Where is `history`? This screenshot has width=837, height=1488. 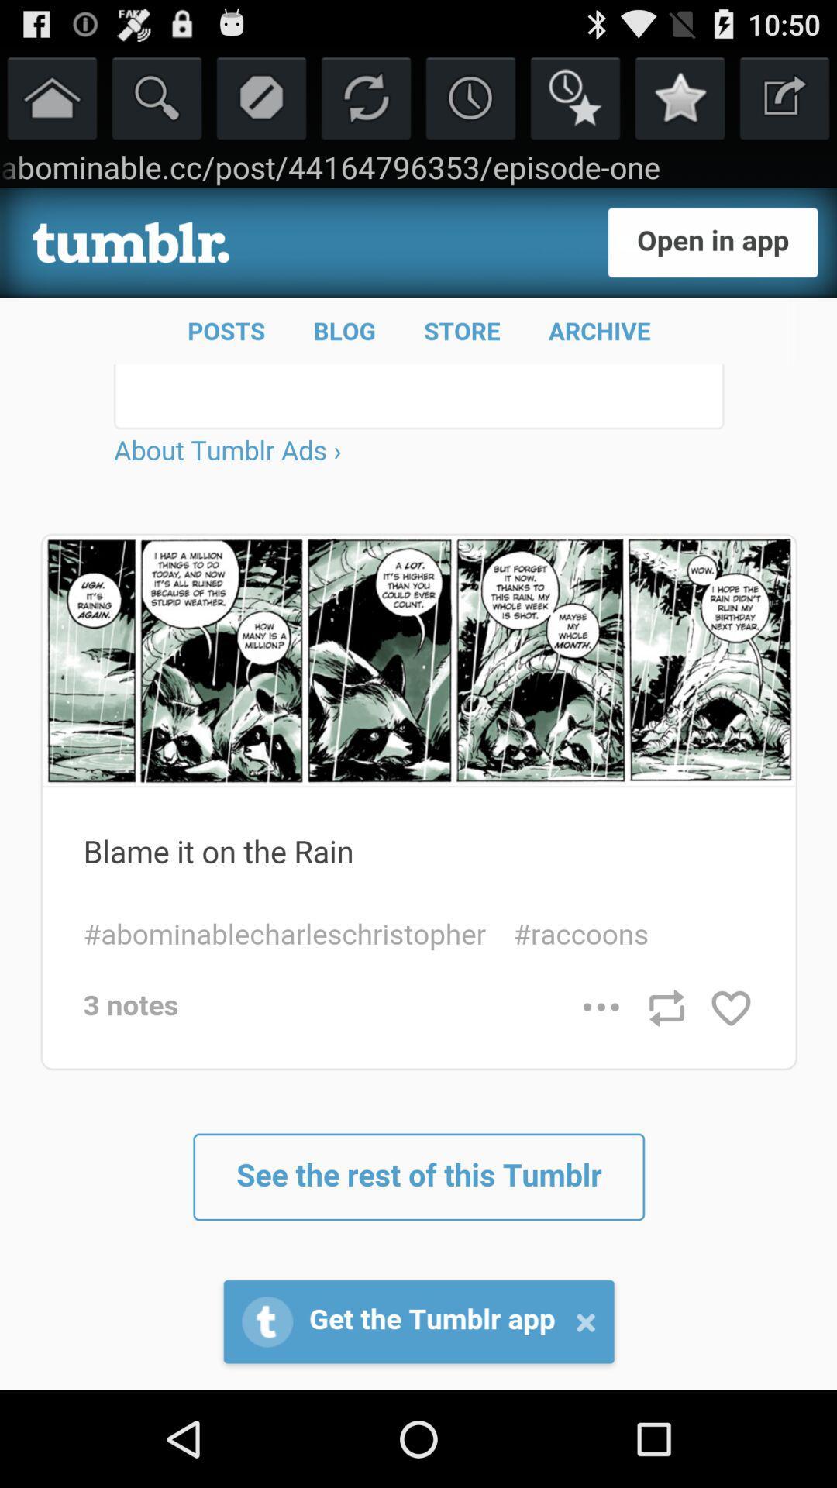
history is located at coordinates (470, 96).